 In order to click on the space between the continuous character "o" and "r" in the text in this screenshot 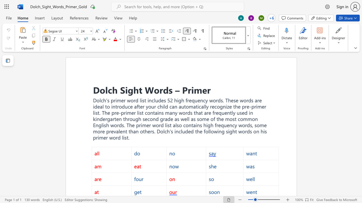, I will do `click(185, 113)`.